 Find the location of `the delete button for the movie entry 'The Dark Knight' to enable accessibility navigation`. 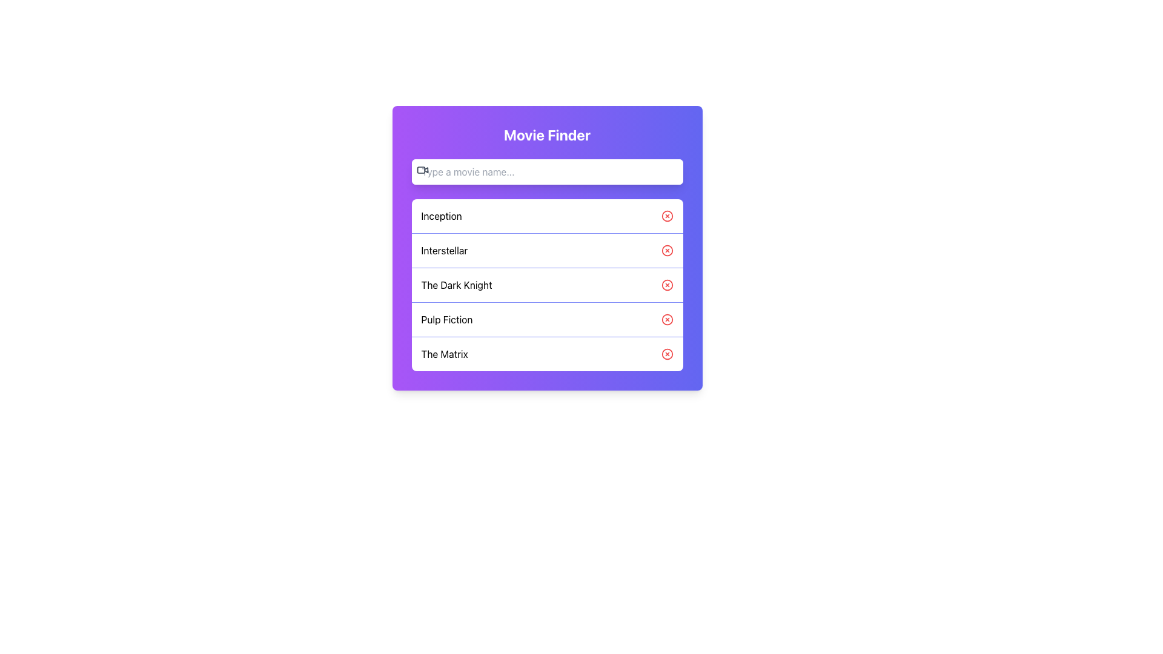

the delete button for the movie entry 'The Dark Knight' to enable accessibility navigation is located at coordinates (666, 285).